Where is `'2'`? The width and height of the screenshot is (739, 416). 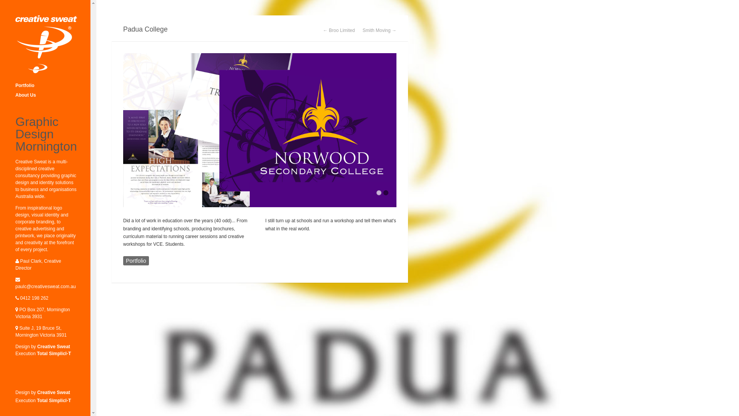
'2' is located at coordinates (386, 192).